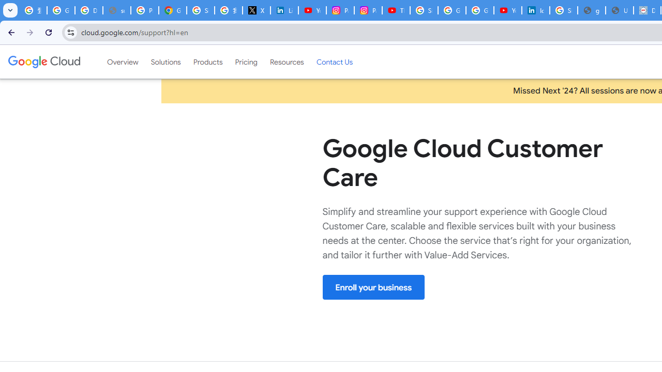 The width and height of the screenshot is (662, 372). What do you see at coordinates (165, 61) in the screenshot?
I see `'Solutions'` at bounding box center [165, 61].